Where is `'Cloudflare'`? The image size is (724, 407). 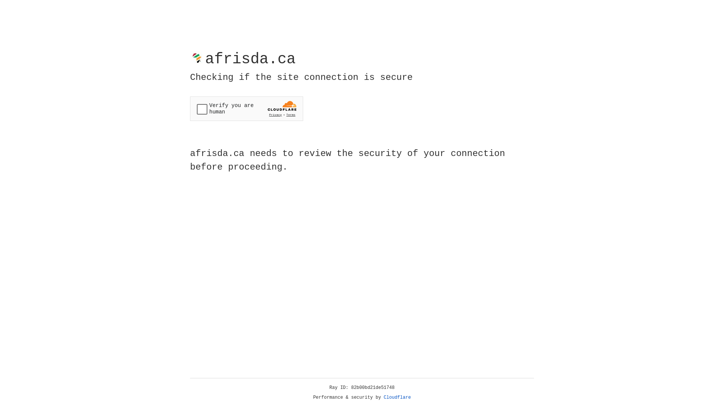 'Cloudflare' is located at coordinates (383, 397).